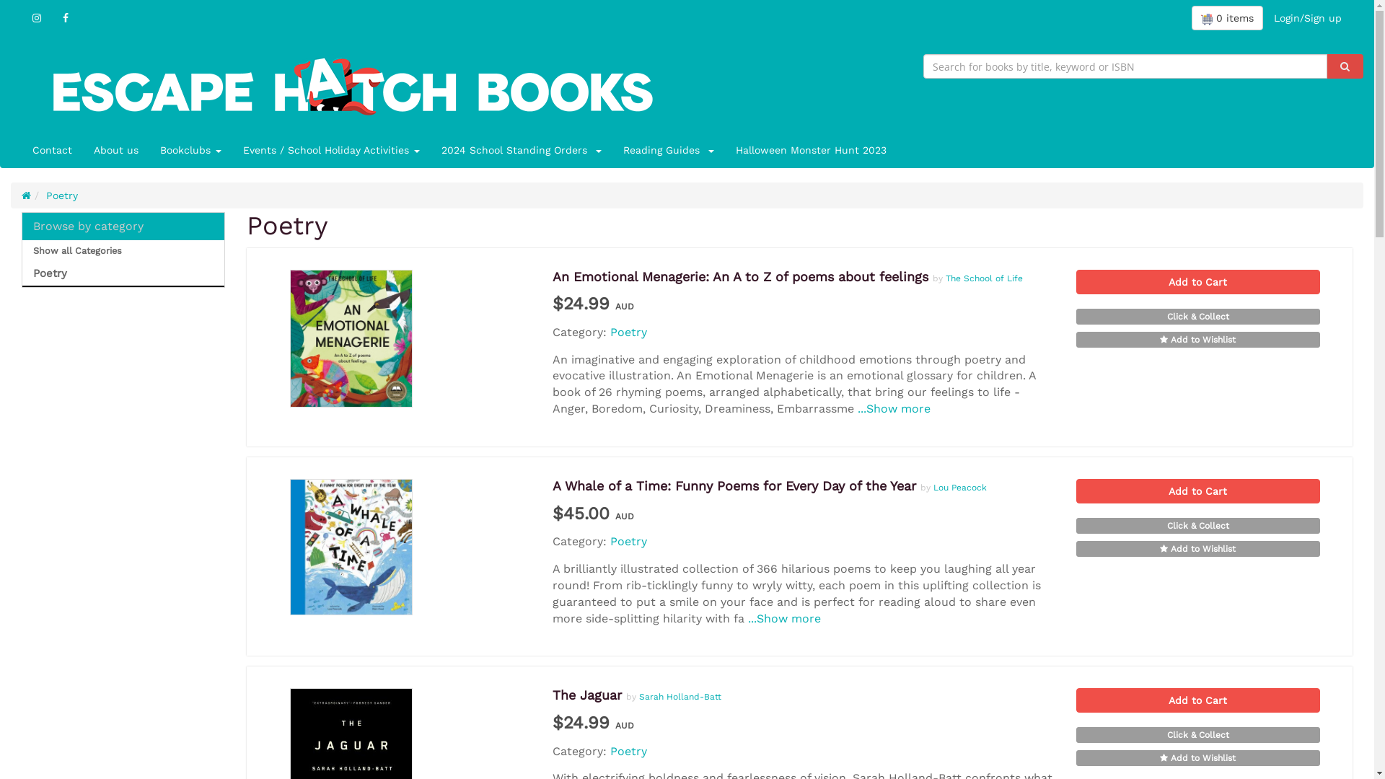 The height and width of the screenshot is (779, 1385). I want to click on 'Bookclubs ', so click(190, 150).